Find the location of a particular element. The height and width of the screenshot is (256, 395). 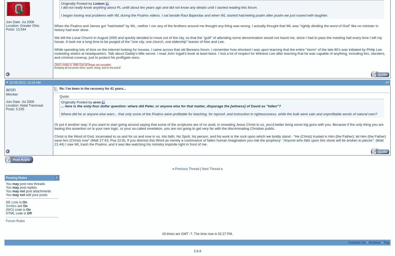

'Top' is located at coordinates (386, 242).